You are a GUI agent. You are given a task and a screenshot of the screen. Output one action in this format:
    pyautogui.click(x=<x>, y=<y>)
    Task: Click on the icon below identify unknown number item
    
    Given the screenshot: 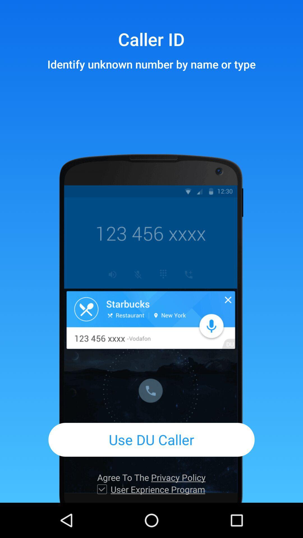 What is the action you would take?
    pyautogui.click(x=151, y=439)
    